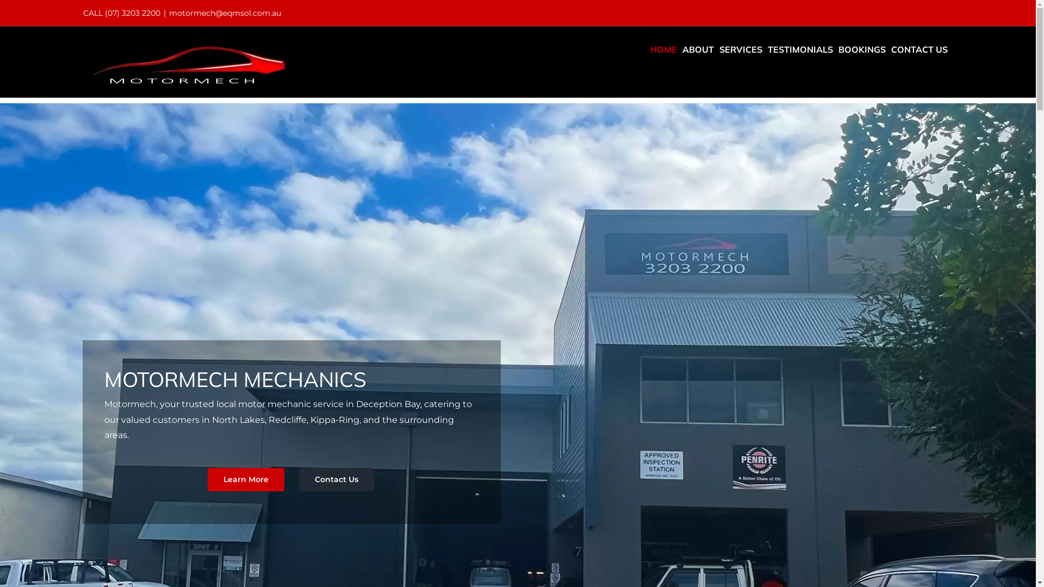 This screenshot has height=587, width=1044. Describe the element at coordinates (697, 49) in the screenshot. I see `'ABOUT'` at that location.